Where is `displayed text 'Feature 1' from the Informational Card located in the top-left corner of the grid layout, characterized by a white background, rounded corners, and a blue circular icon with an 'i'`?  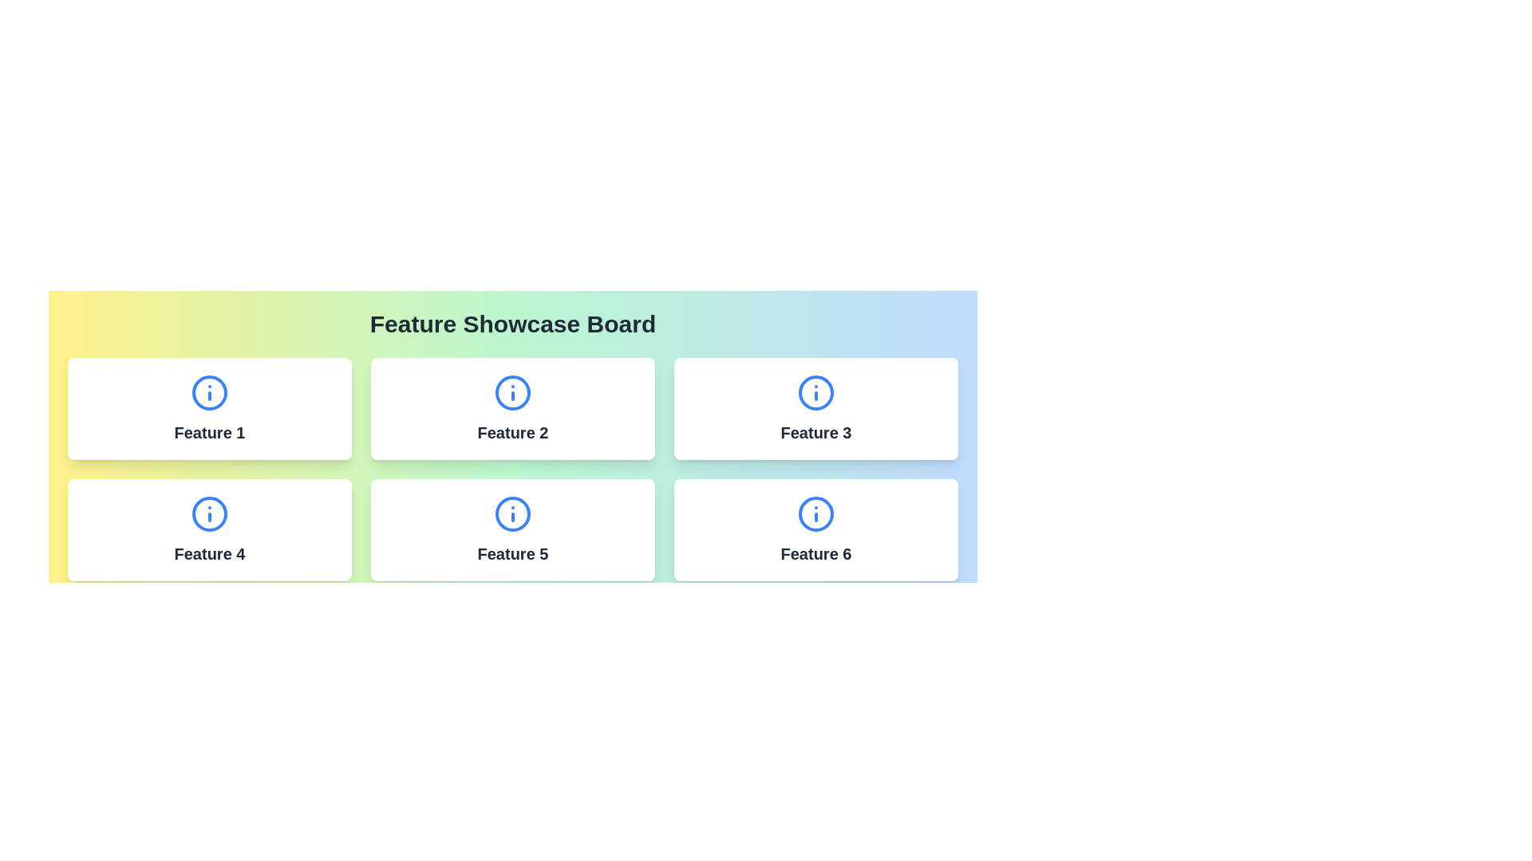
displayed text 'Feature 1' from the Informational Card located in the top-left corner of the grid layout, characterized by a white background, rounded corners, and a blue circular icon with an 'i' is located at coordinates (209, 408).